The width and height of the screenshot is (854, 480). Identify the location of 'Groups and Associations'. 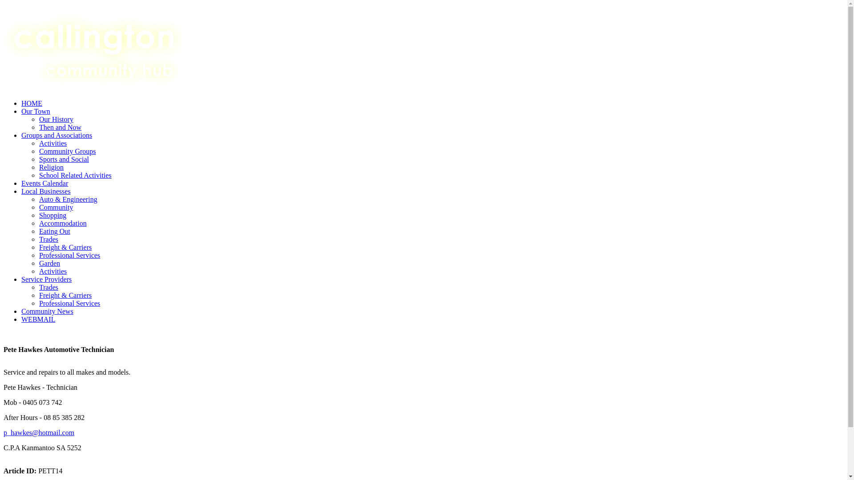
(21, 135).